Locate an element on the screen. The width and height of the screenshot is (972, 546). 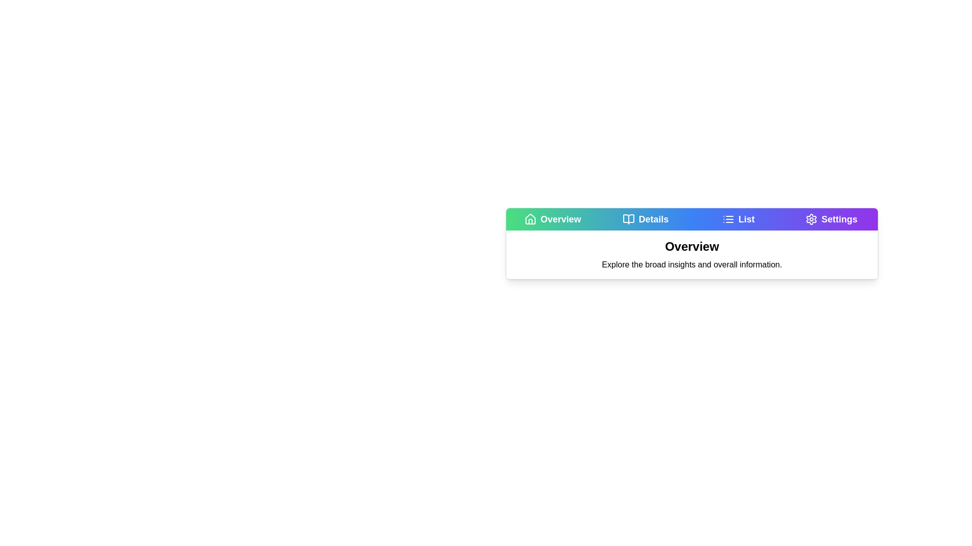
the settings icon button located in the top-right portion of the interface is located at coordinates (811, 219).